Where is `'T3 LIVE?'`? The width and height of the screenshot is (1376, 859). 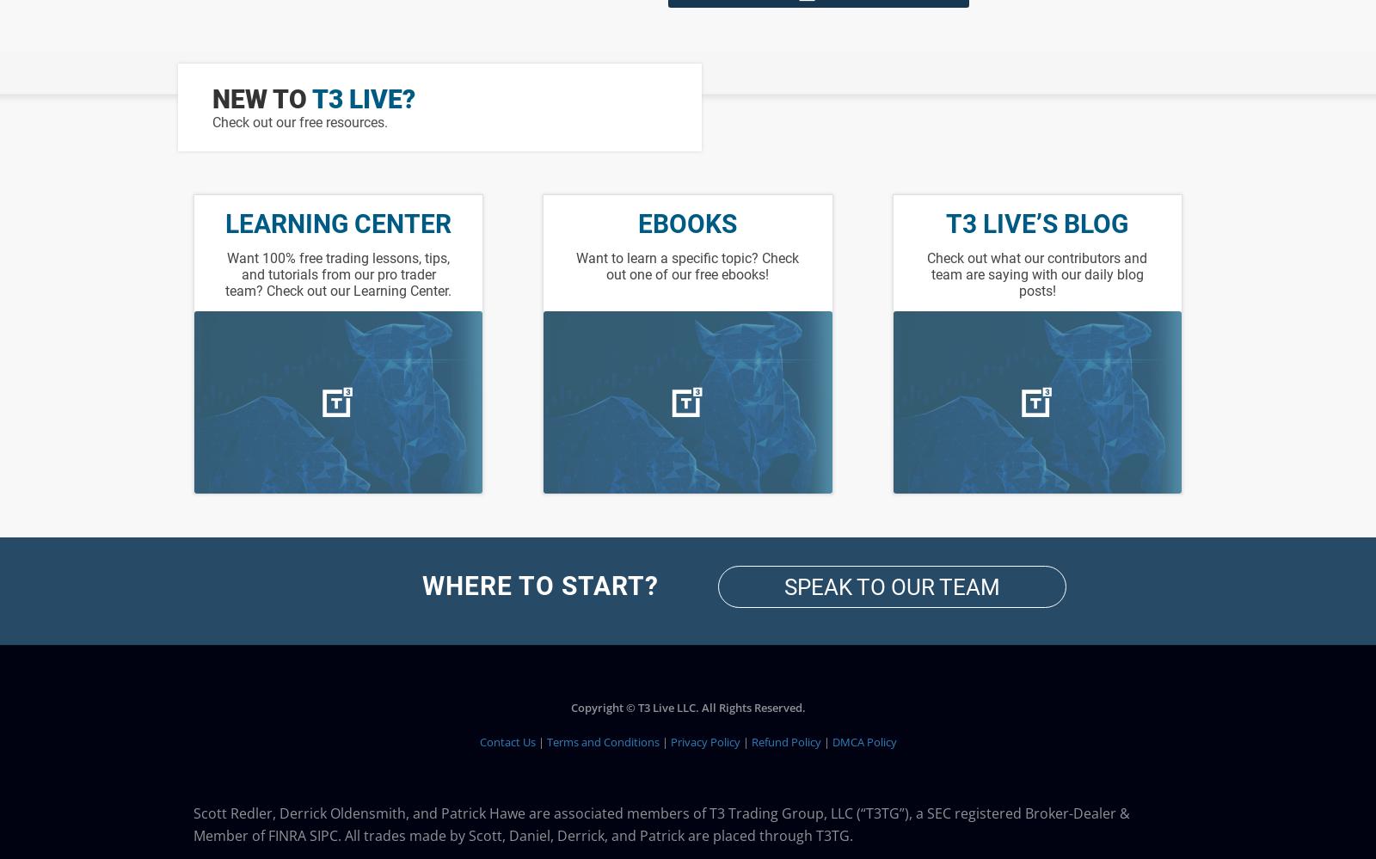 'T3 LIVE?' is located at coordinates (312, 98).